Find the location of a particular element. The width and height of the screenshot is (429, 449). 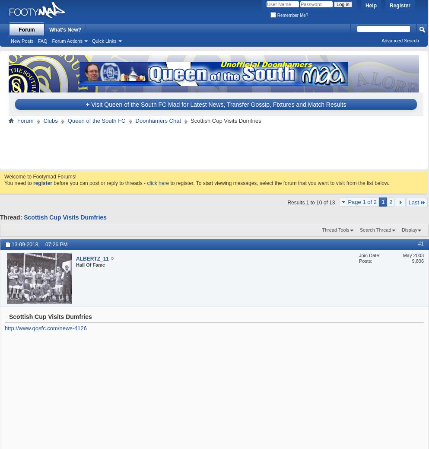

'Quick Links' is located at coordinates (103, 40).